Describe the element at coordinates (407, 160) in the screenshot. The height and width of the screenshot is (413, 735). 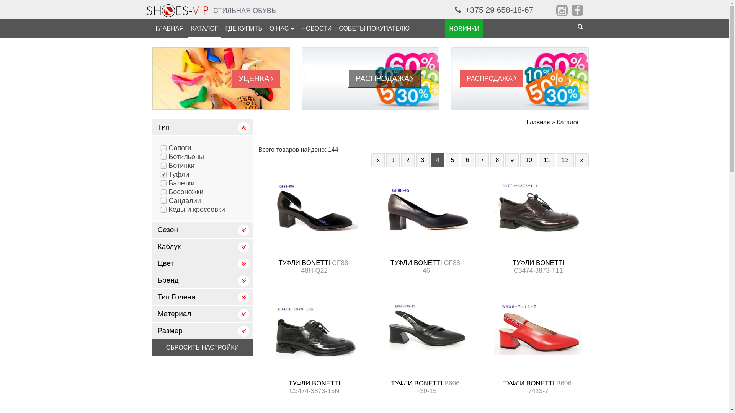
I see `'2'` at that location.